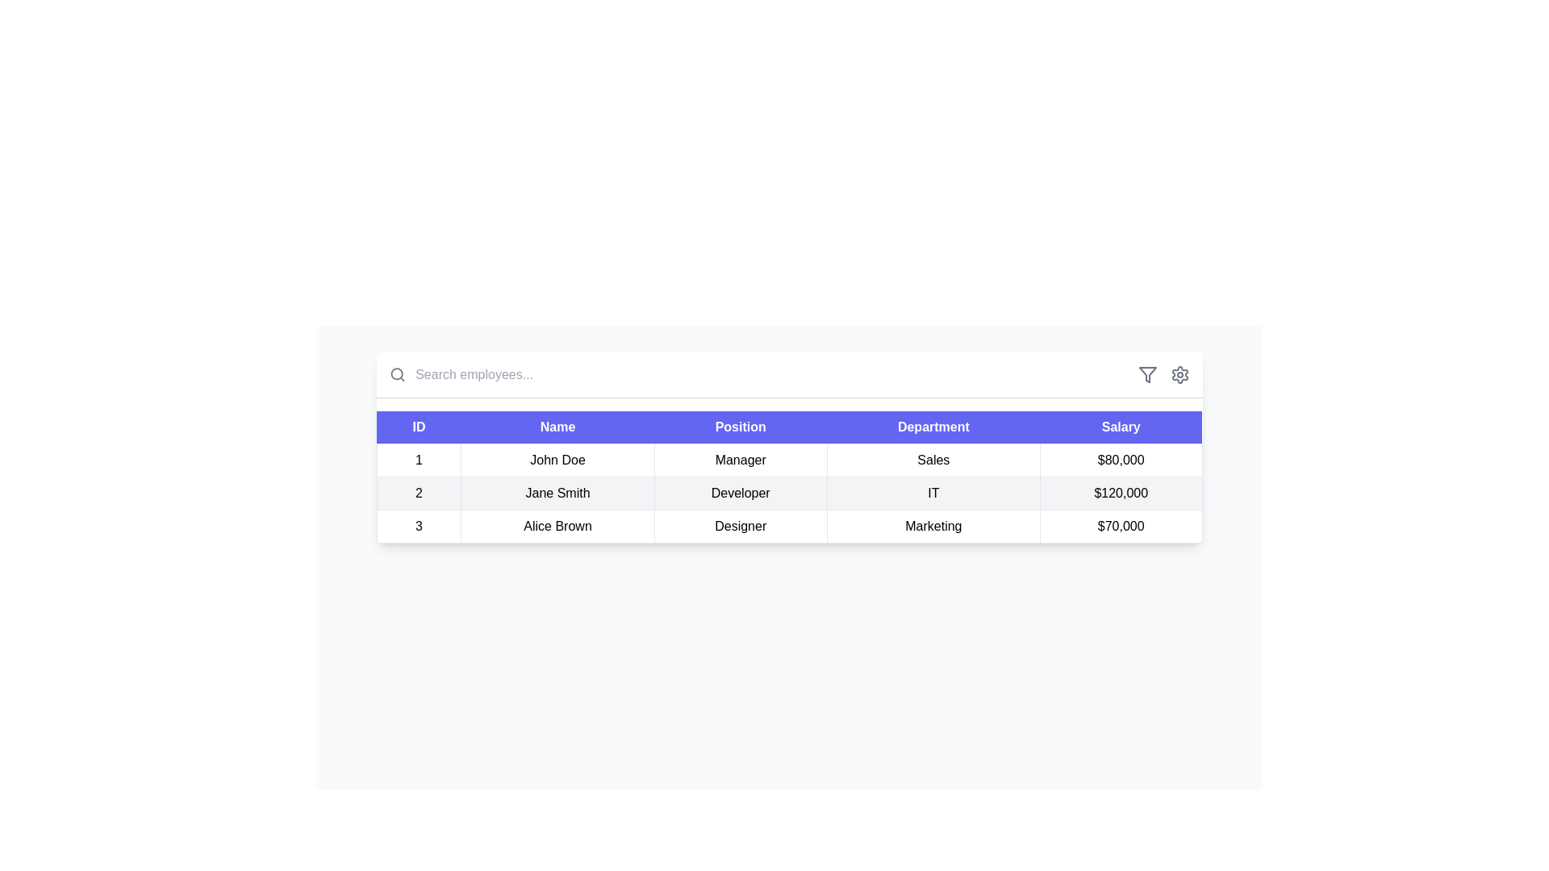  I want to click on the table cell that represents the unique ID or sequence number for the second row of the data table, located under the 'ID' header, so click(419, 493).